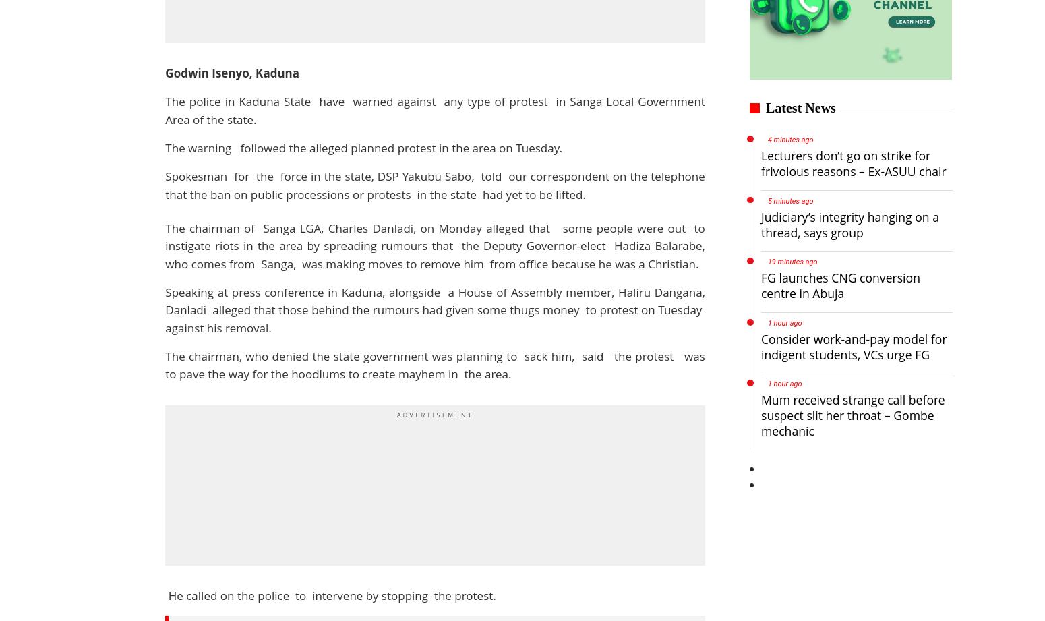 This screenshot has height=621, width=1045. I want to click on 'Special Features', so click(514, 526).